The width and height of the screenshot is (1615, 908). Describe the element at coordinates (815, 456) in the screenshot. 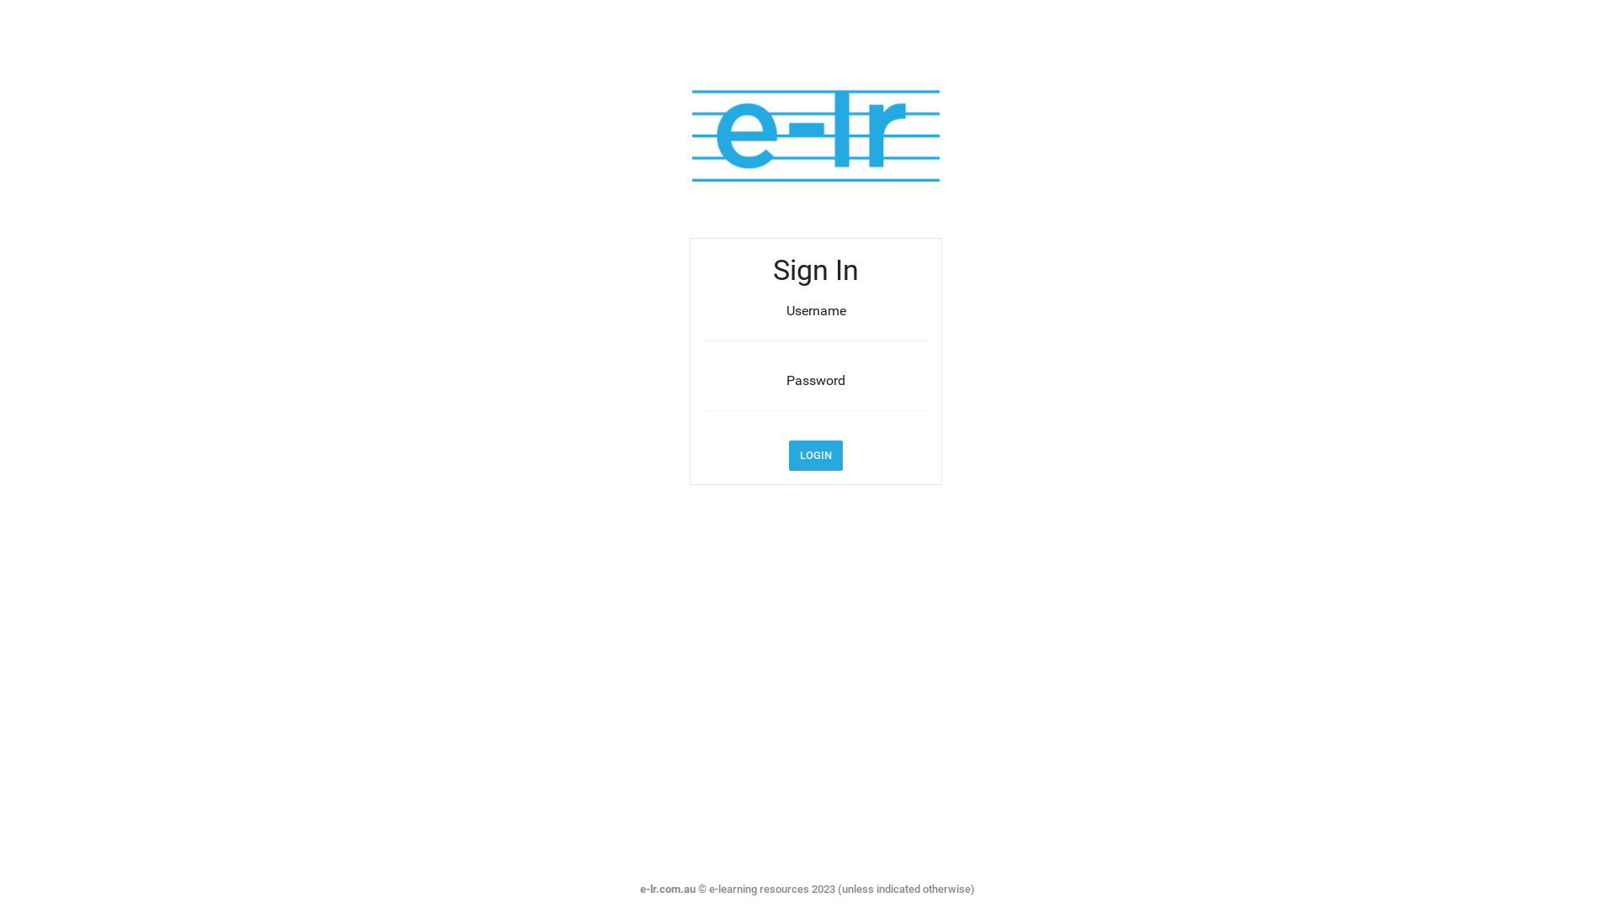

I see `'LOGIN'` at that location.